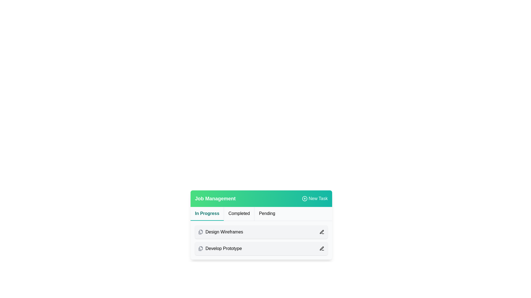 Image resolution: width=531 pixels, height=298 pixels. What do you see at coordinates (223, 249) in the screenshot?
I see `the text label indicating the task 'Develop Prototype' located in the task management system under the 'In Progress' category, positioned below 'Design Wireframes'` at bounding box center [223, 249].